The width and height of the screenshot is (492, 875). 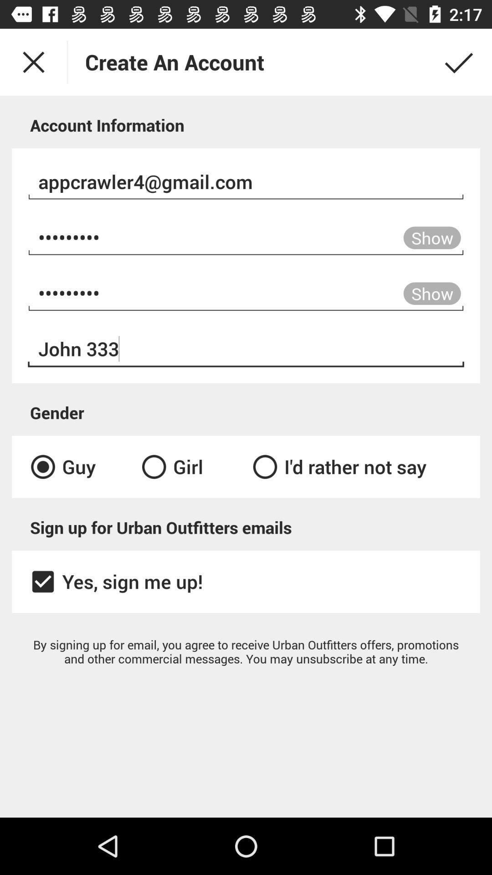 What do you see at coordinates (458, 62) in the screenshot?
I see `the check icon` at bounding box center [458, 62].